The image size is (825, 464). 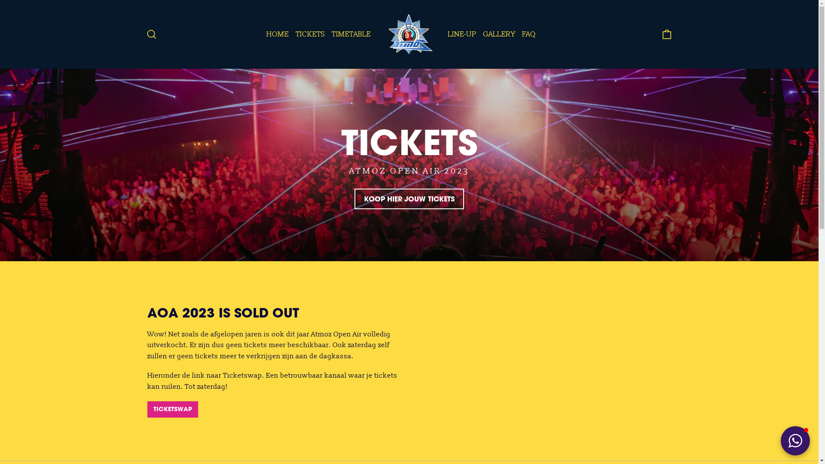 I want to click on 'GALLERY', so click(x=479, y=34).